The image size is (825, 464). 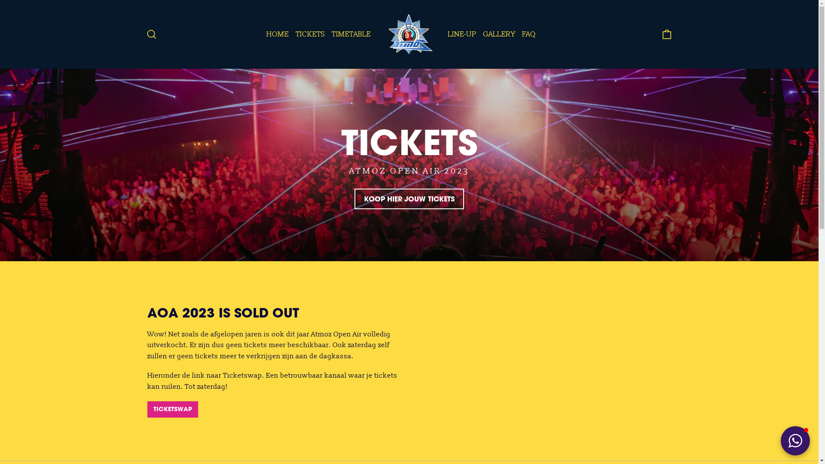 I want to click on 'GALLERY', so click(x=479, y=34).